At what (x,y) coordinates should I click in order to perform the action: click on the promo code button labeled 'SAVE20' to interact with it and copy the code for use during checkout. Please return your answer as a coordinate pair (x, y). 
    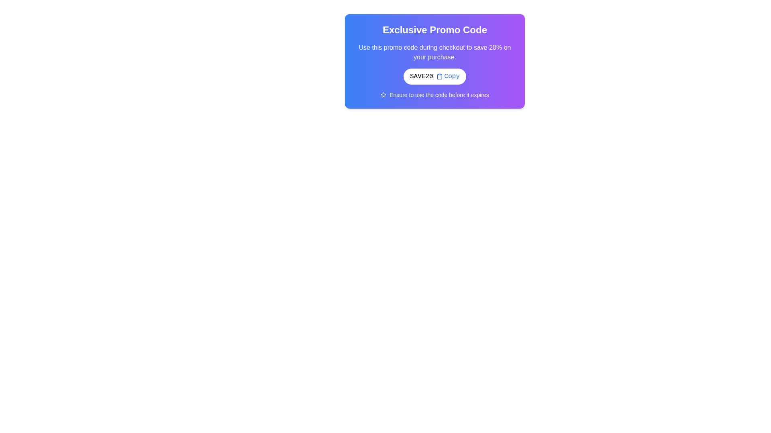
    Looking at the image, I should click on (434, 77).